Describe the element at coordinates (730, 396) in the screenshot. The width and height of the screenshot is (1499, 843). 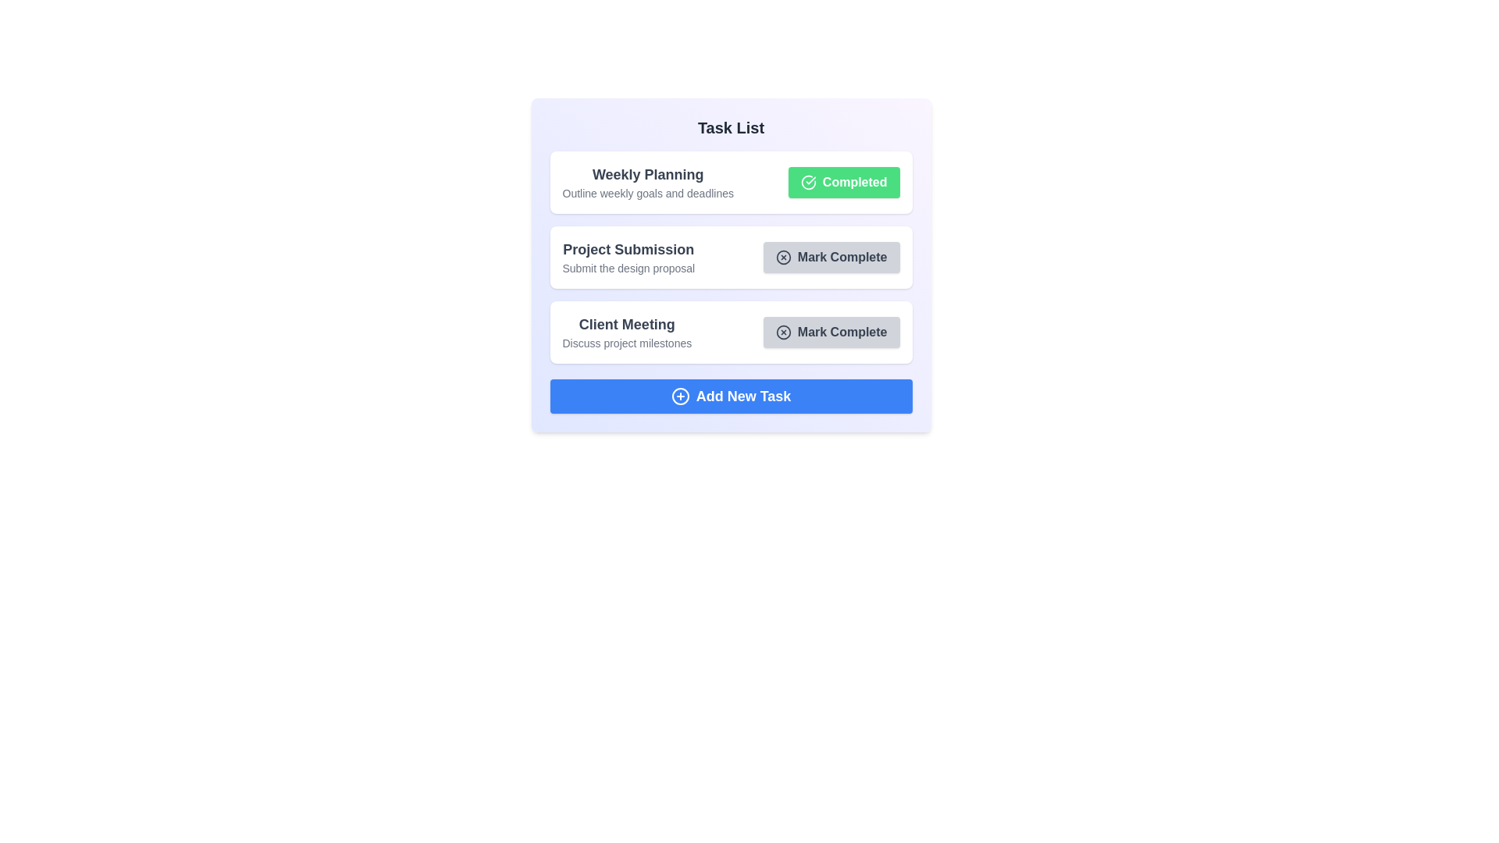
I see `the 'Add New Task' button to initiate the task creation process` at that location.